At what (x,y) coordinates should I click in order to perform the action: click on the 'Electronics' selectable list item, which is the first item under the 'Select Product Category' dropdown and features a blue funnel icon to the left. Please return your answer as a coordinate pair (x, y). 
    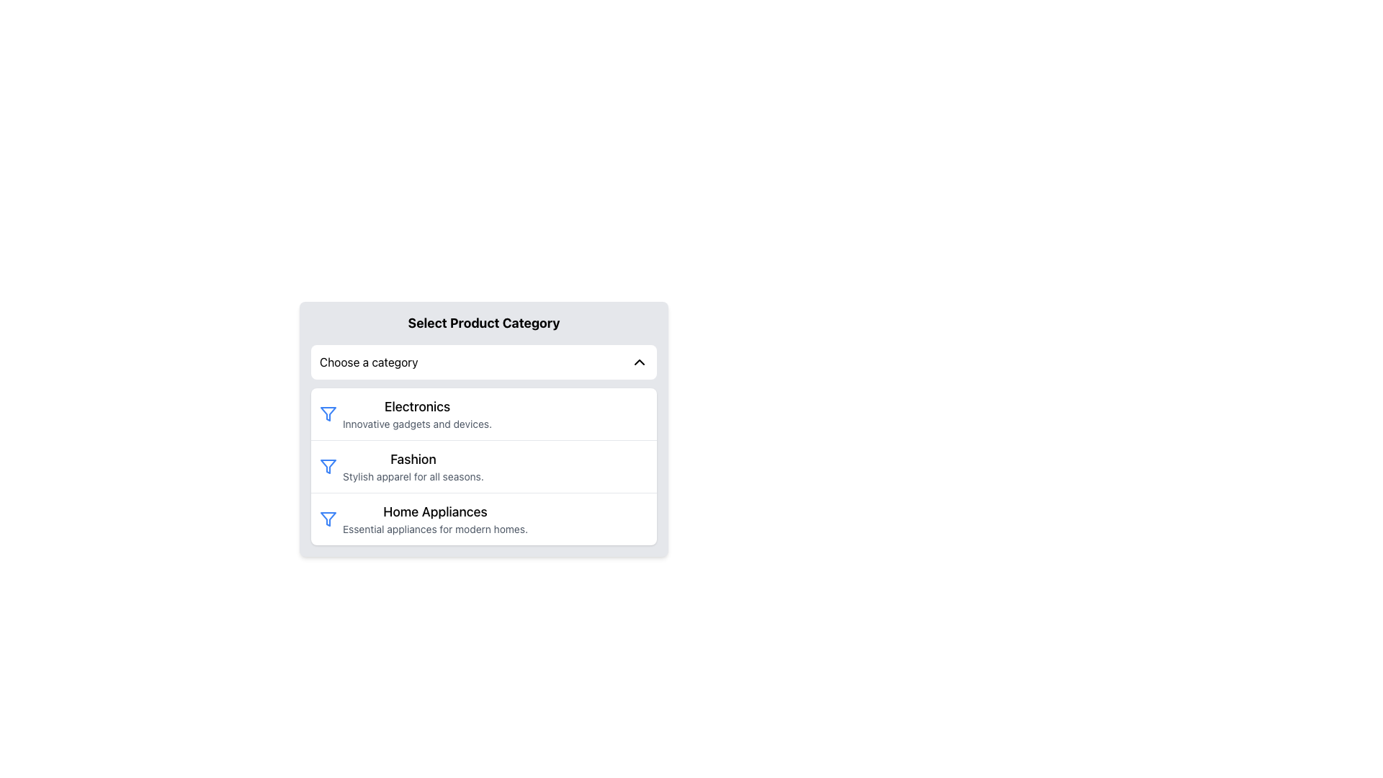
    Looking at the image, I should click on (484, 413).